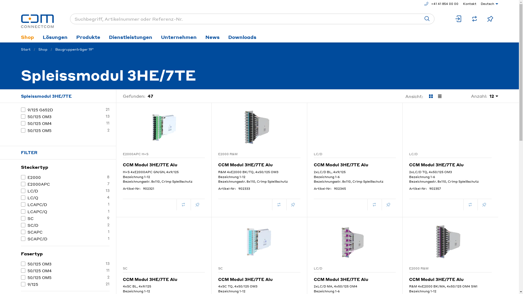  Describe the element at coordinates (212, 37) in the screenshot. I see `'News'` at that location.